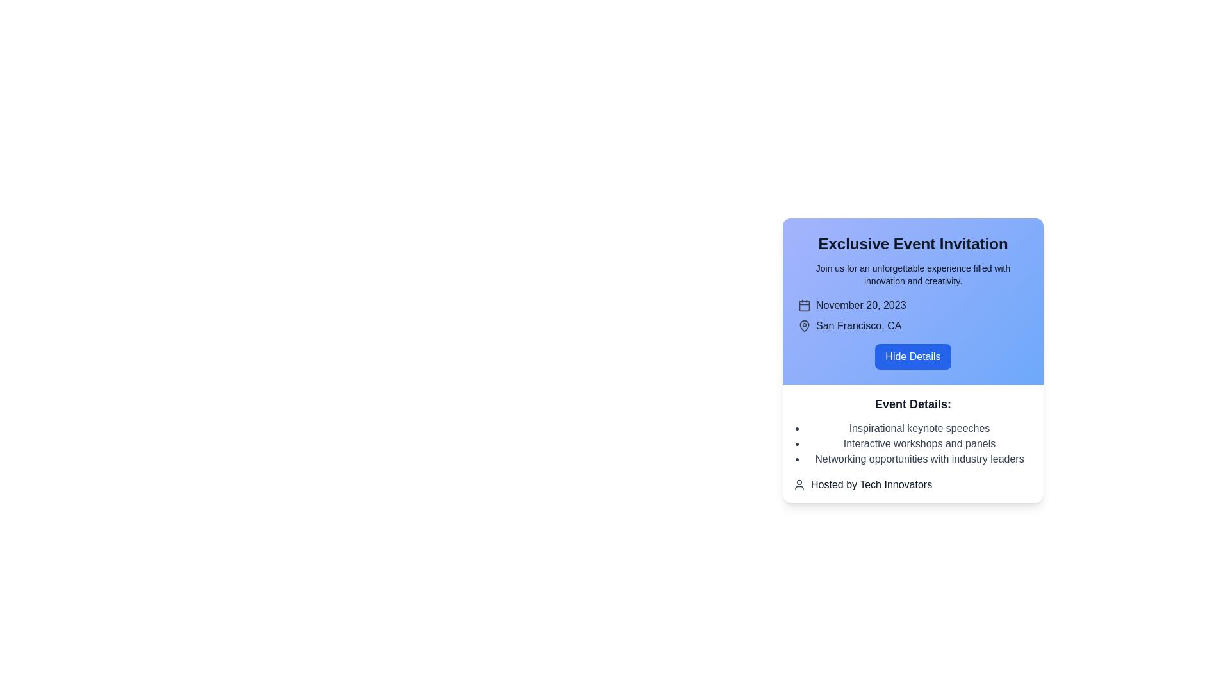 The image size is (1230, 692). What do you see at coordinates (912, 356) in the screenshot?
I see `the 'Hide Details' button with a blue background located below the 'San Francisco, CA' text` at bounding box center [912, 356].